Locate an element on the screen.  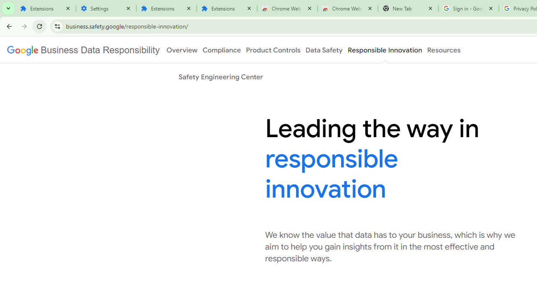
'Back' is located at coordinates (8, 26).